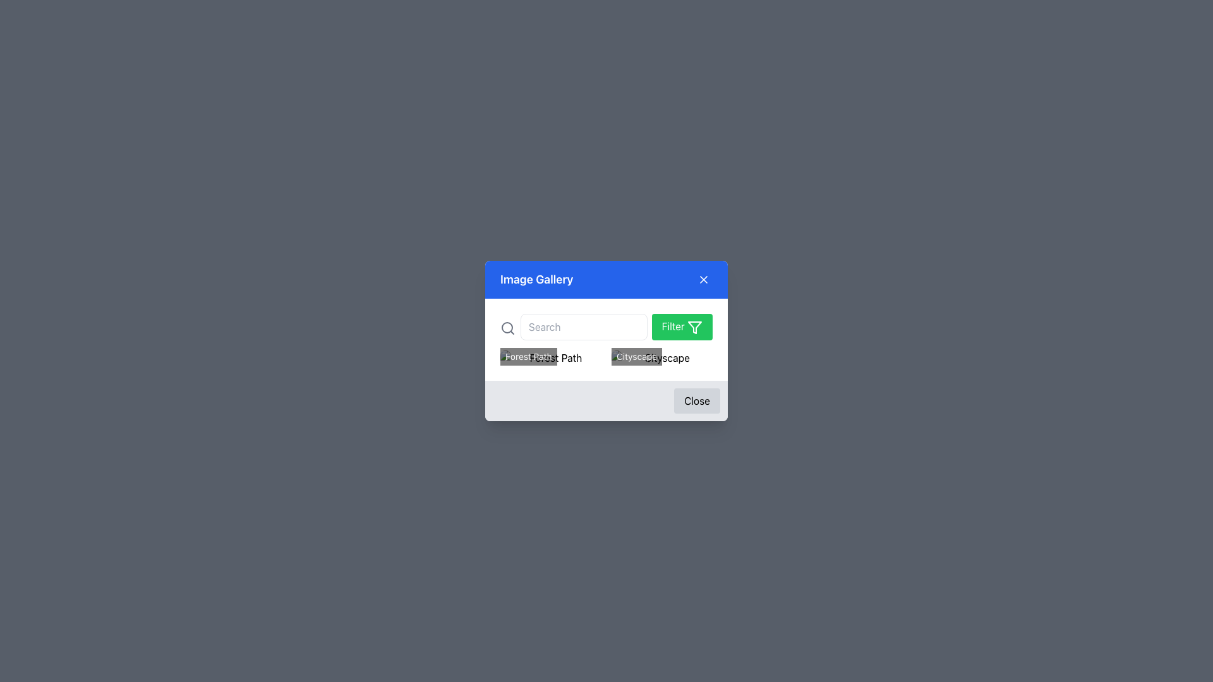  What do you see at coordinates (703, 279) in the screenshot?
I see `the circular button with an 'X' symbol located in the top-right corner of the 'Image Gallery' header in the modal window` at bounding box center [703, 279].